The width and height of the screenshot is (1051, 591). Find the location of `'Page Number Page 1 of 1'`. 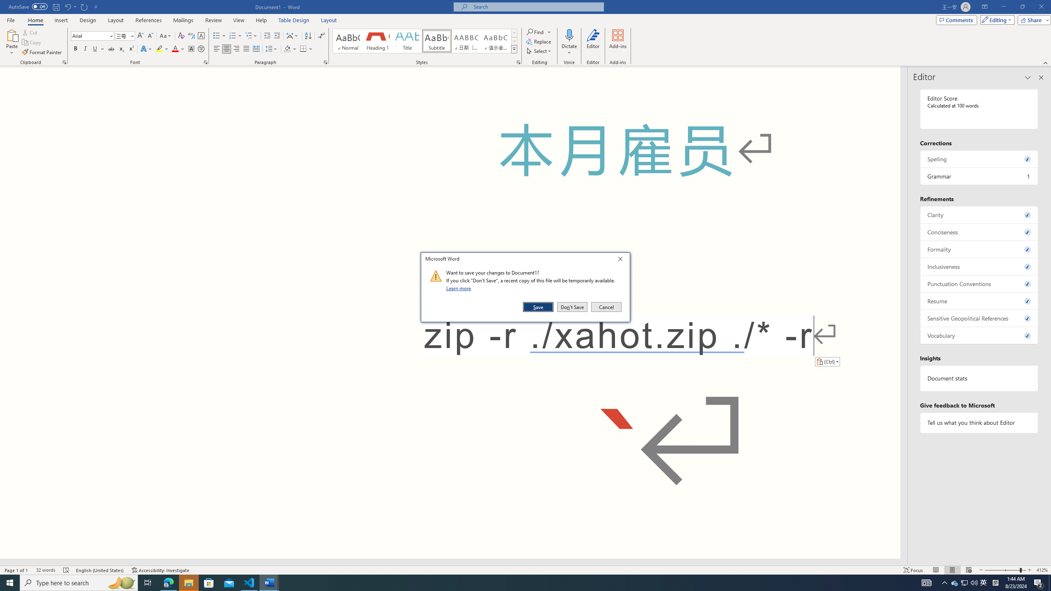

'Page Number Page 1 of 1' is located at coordinates (16, 570).